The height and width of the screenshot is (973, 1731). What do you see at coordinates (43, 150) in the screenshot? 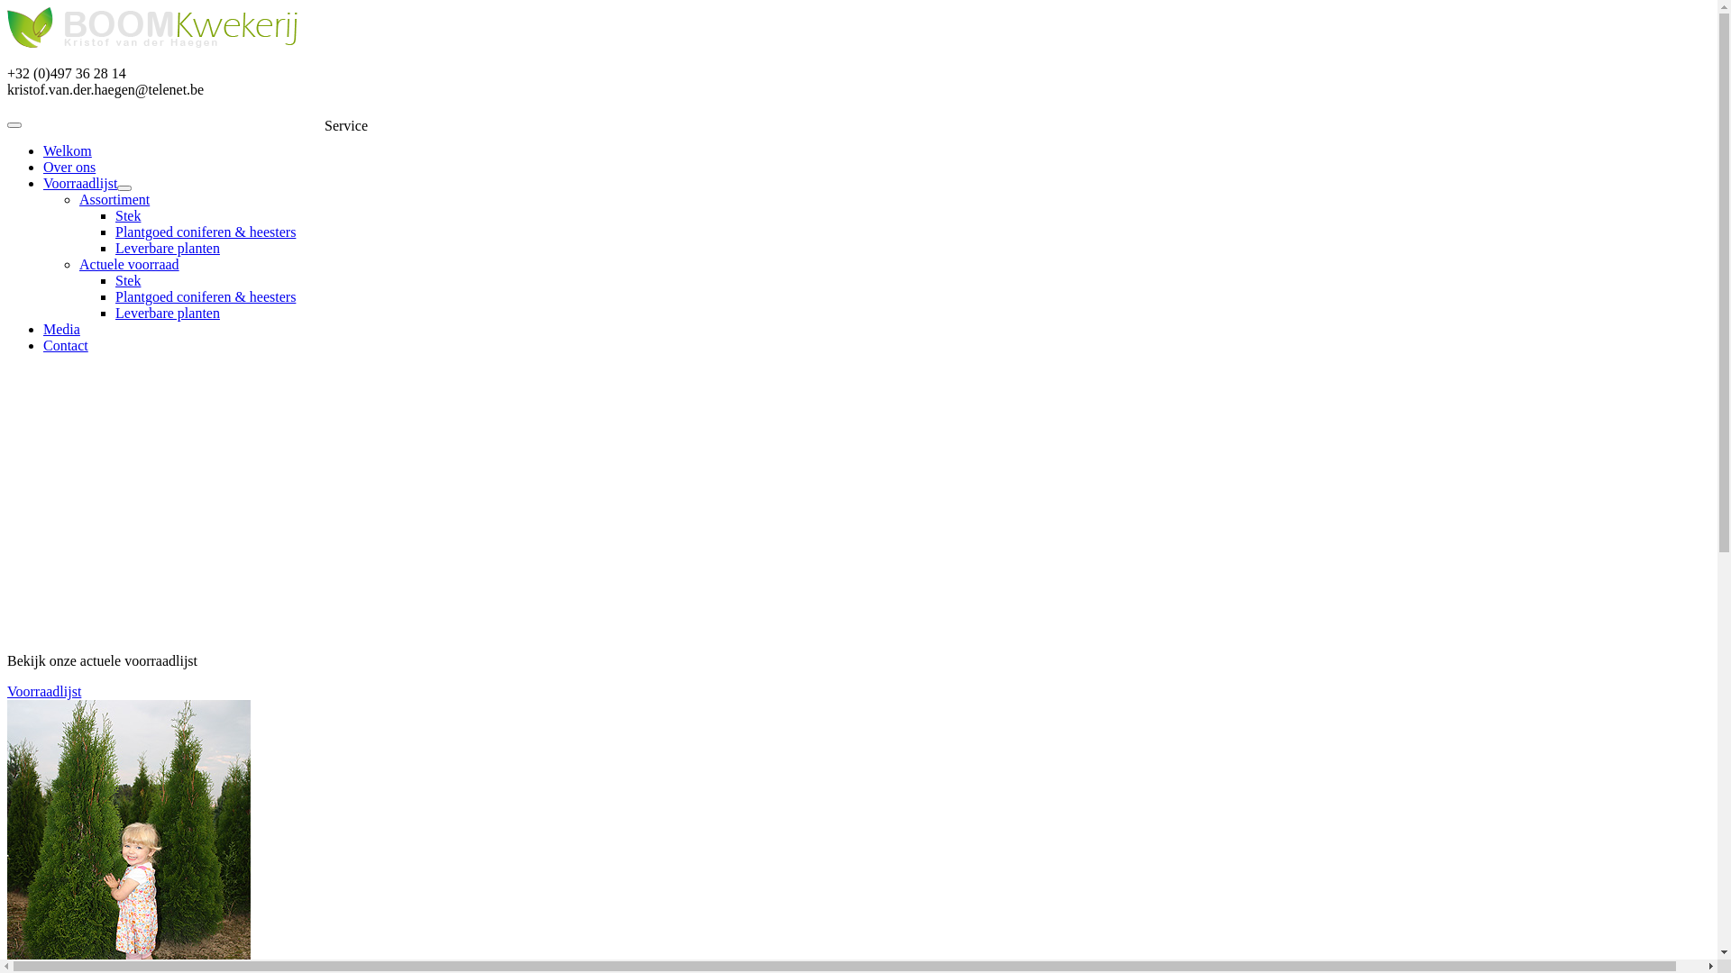
I see `'Welkom'` at bounding box center [43, 150].